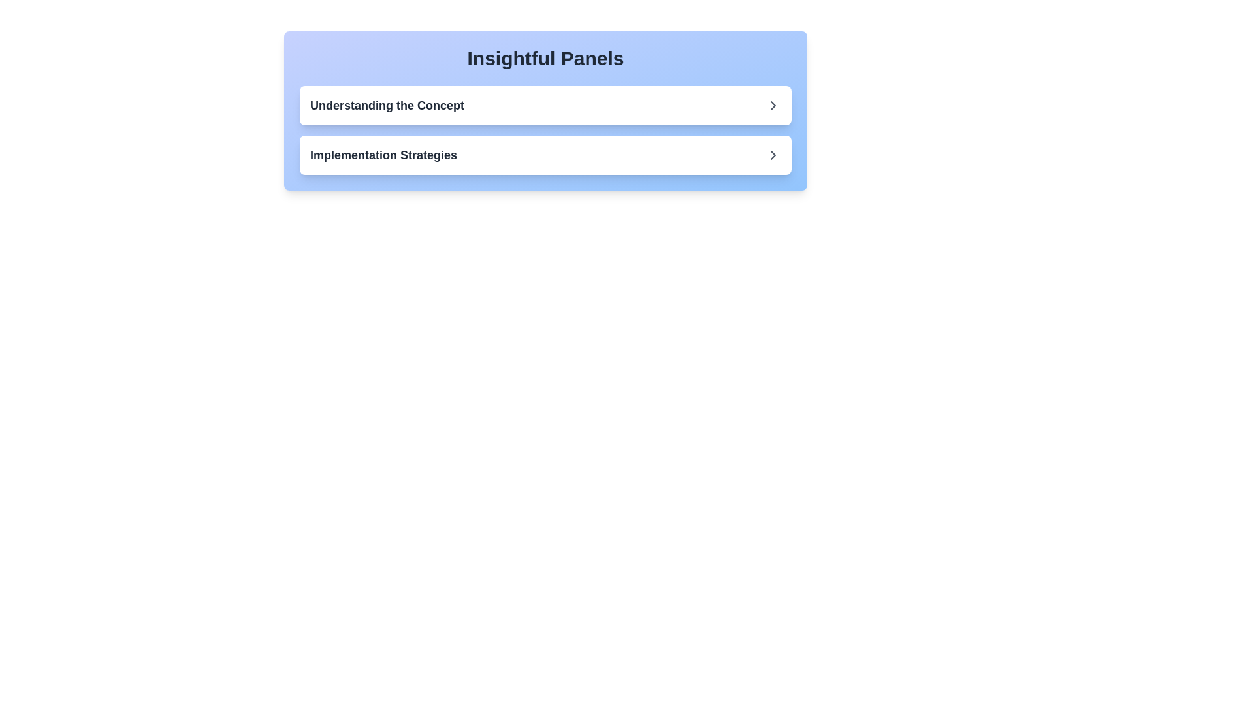  Describe the element at coordinates (773, 155) in the screenshot. I see `the Chevron icon located at the far right end of the 'Implementation Strategies' row` at that location.